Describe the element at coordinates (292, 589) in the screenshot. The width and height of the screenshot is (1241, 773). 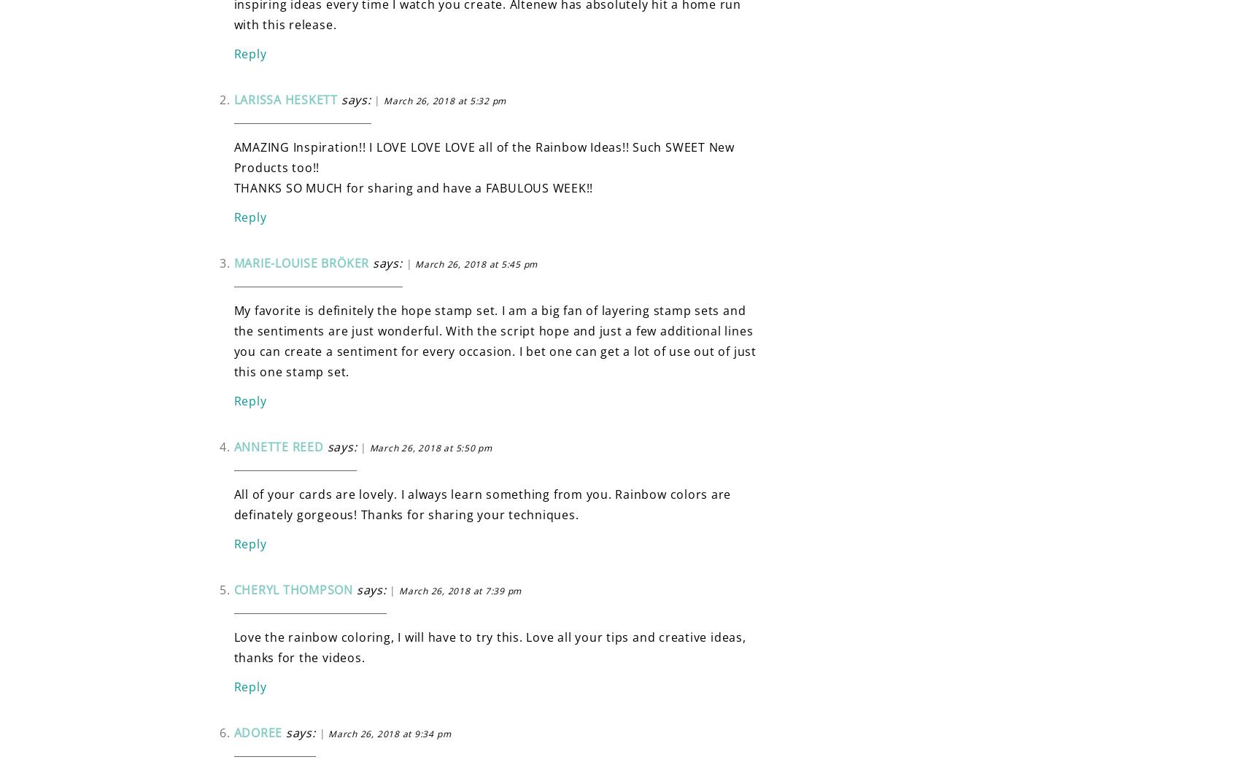
I see `'Cheryl Thompson'` at that location.